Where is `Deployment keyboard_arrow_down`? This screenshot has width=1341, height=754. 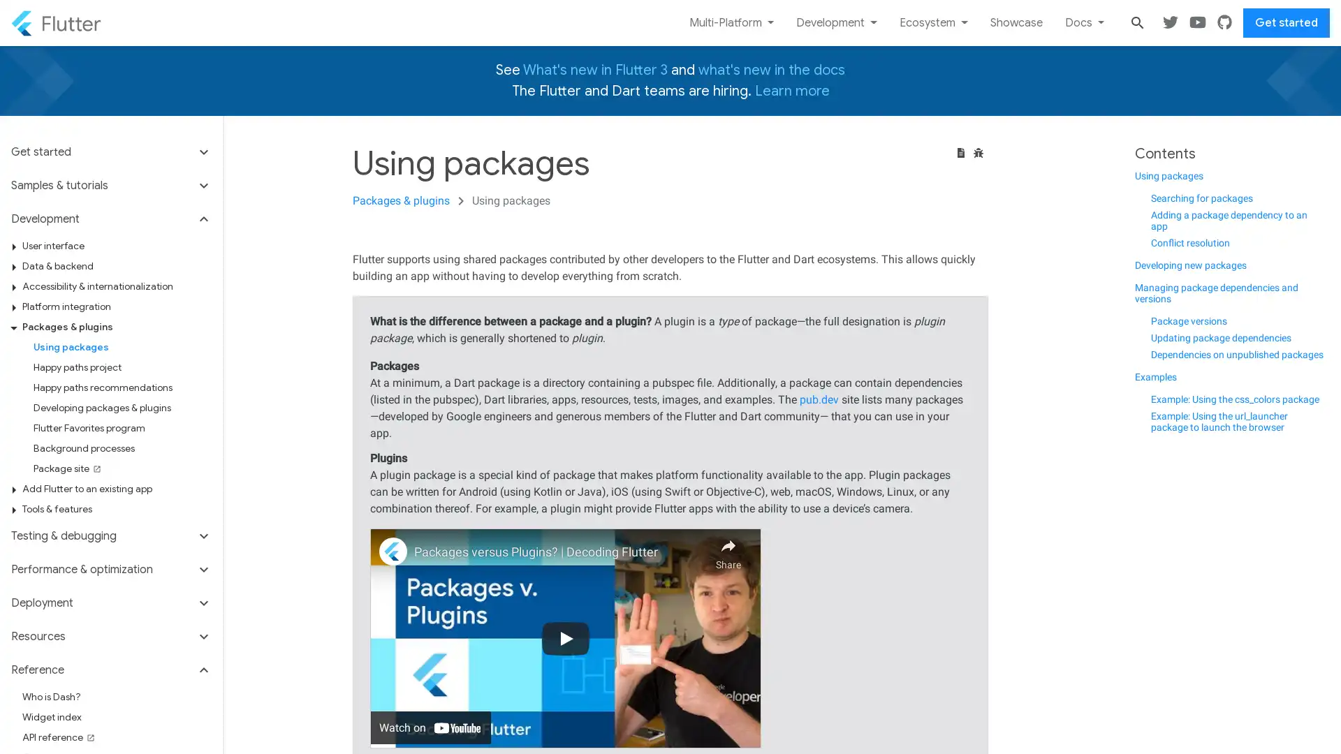
Deployment keyboard_arrow_down is located at coordinates (110, 603).